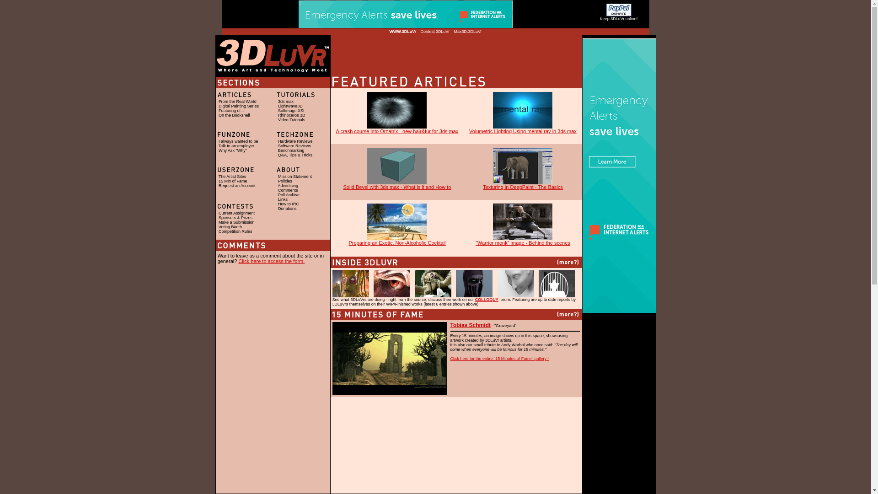 The height and width of the screenshot is (494, 878). Describe the element at coordinates (282, 199) in the screenshot. I see `'Links'` at that location.